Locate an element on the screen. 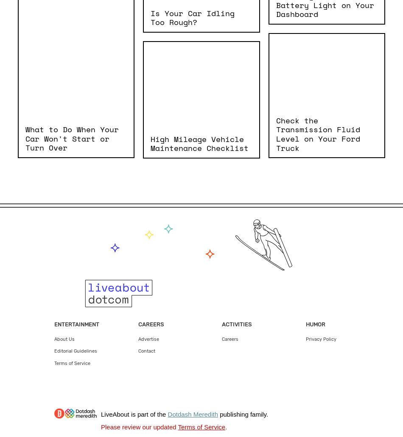 The image size is (403, 437). 'Entertainment' is located at coordinates (76, 323).